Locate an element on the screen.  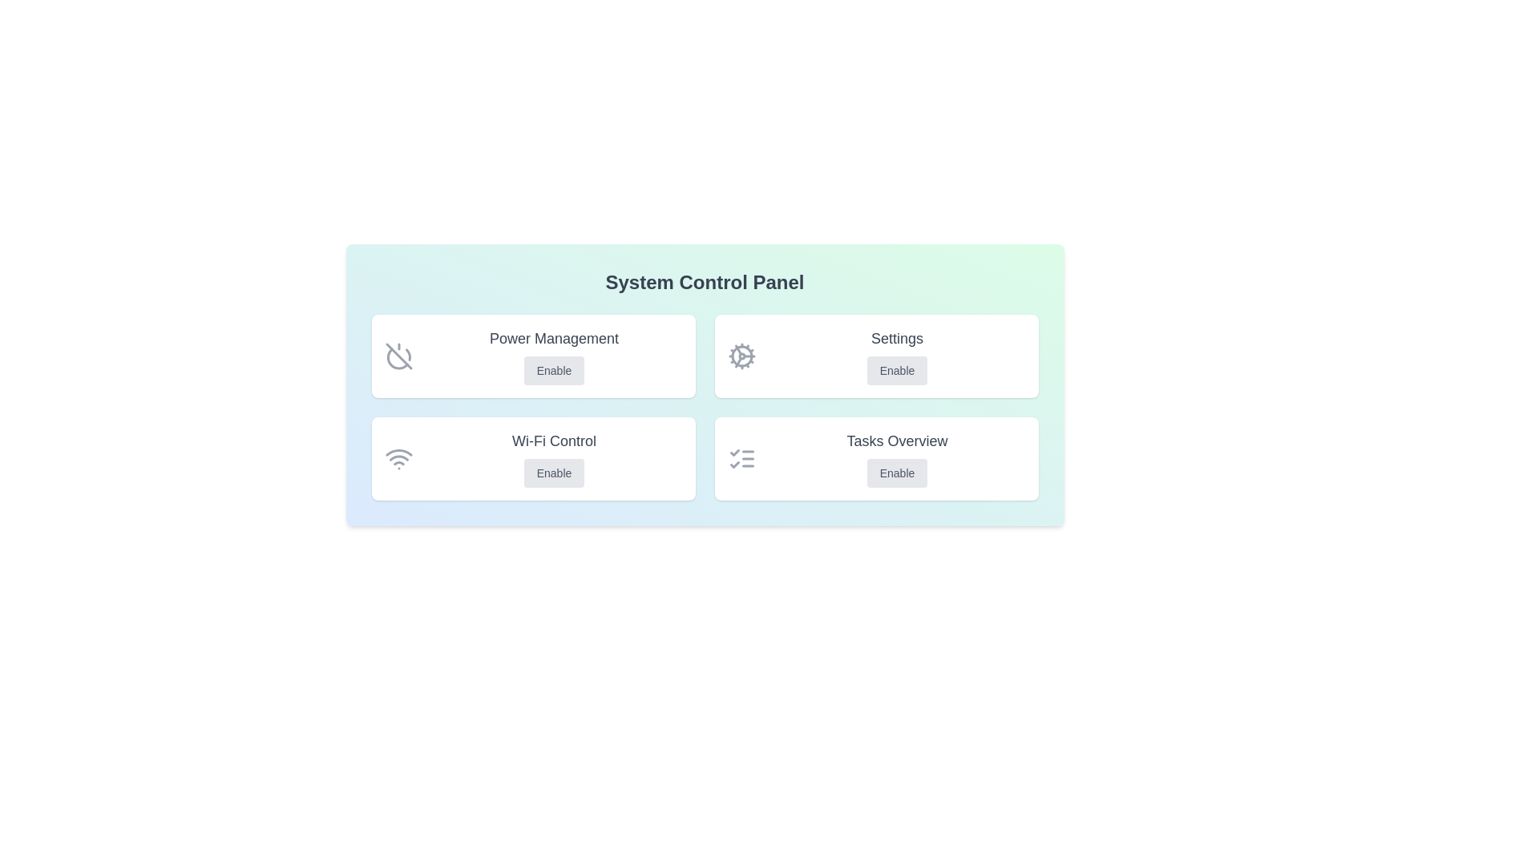
the decorative vector graphic arc that visually represents the power-off symbol within the 'Power Management' icon is located at coordinates (407, 354).